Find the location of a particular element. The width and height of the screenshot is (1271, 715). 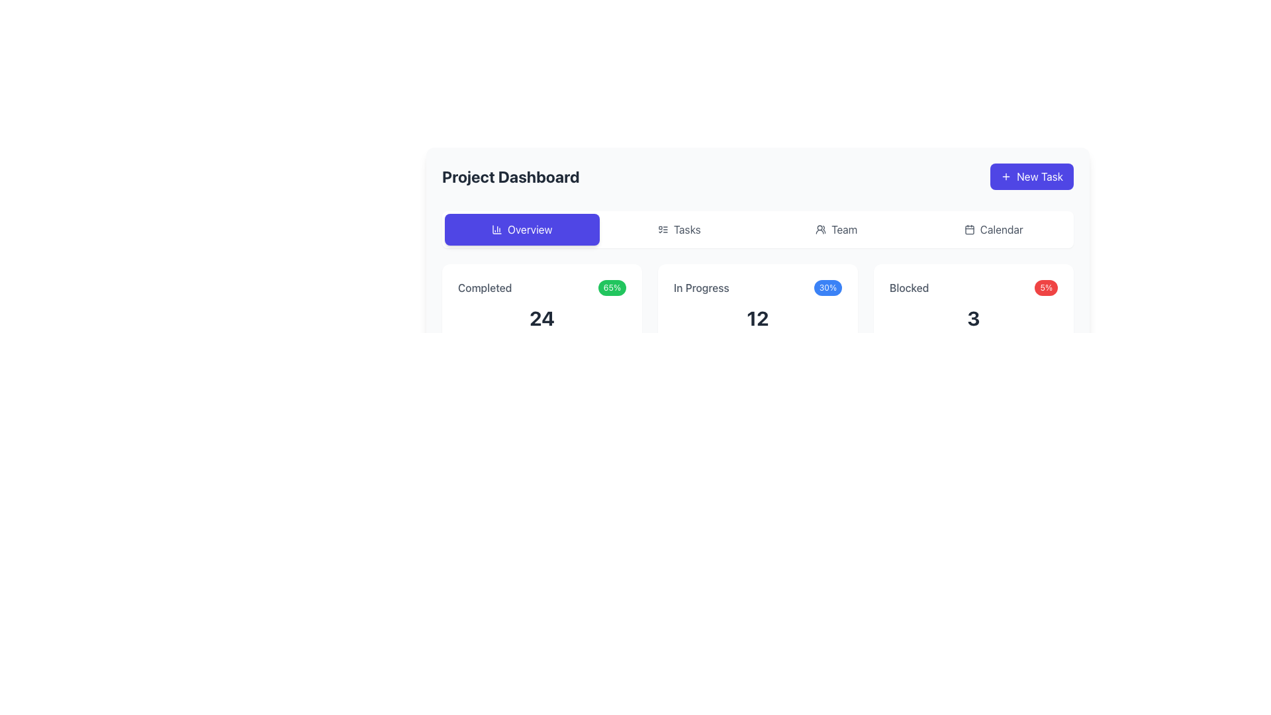

the 'Overview' text label within the purple button that indicates navigation to the overview section is located at coordinates (530, 229).